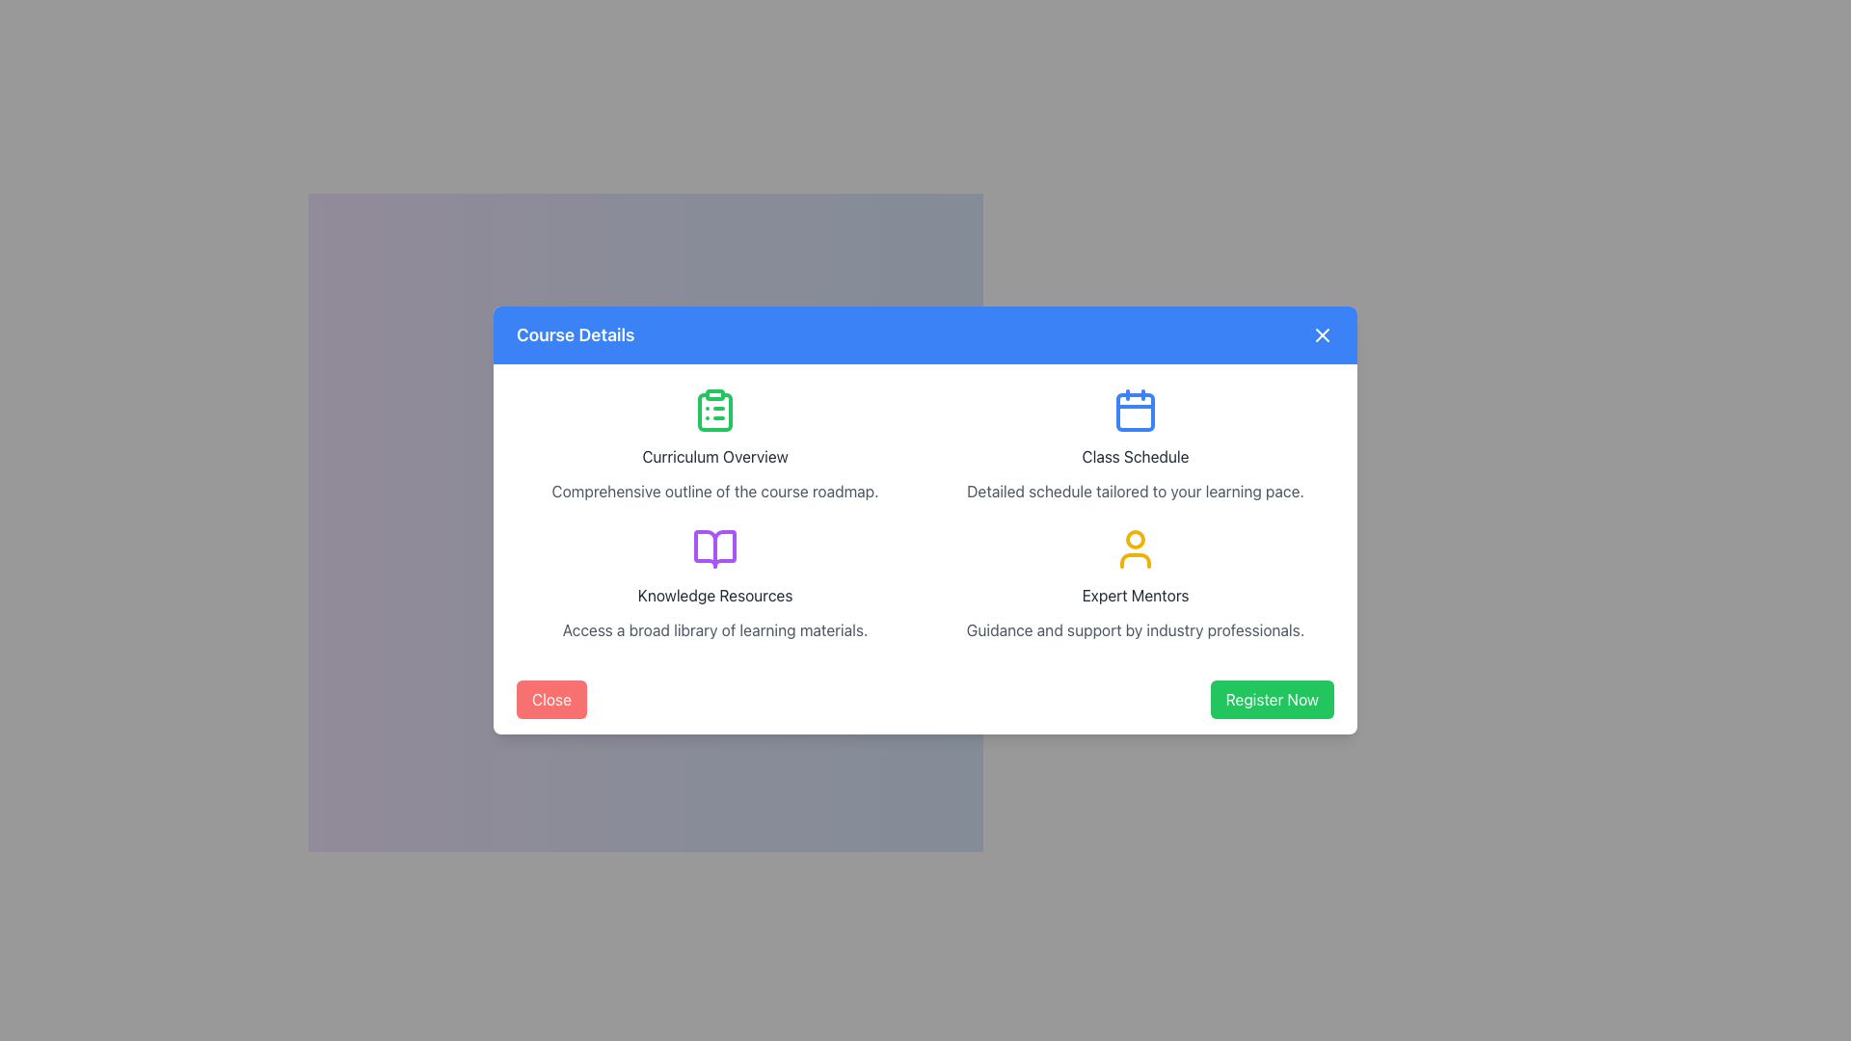 Image resolution: width=1851 pixels, height=1041 pixels. Describe the element at coordinates (714, 409) in the screenshot. I see `the clipboard icon with checklist marks, styled in vivid green color, located above the 'Curriculum Overview' heading` at that location.